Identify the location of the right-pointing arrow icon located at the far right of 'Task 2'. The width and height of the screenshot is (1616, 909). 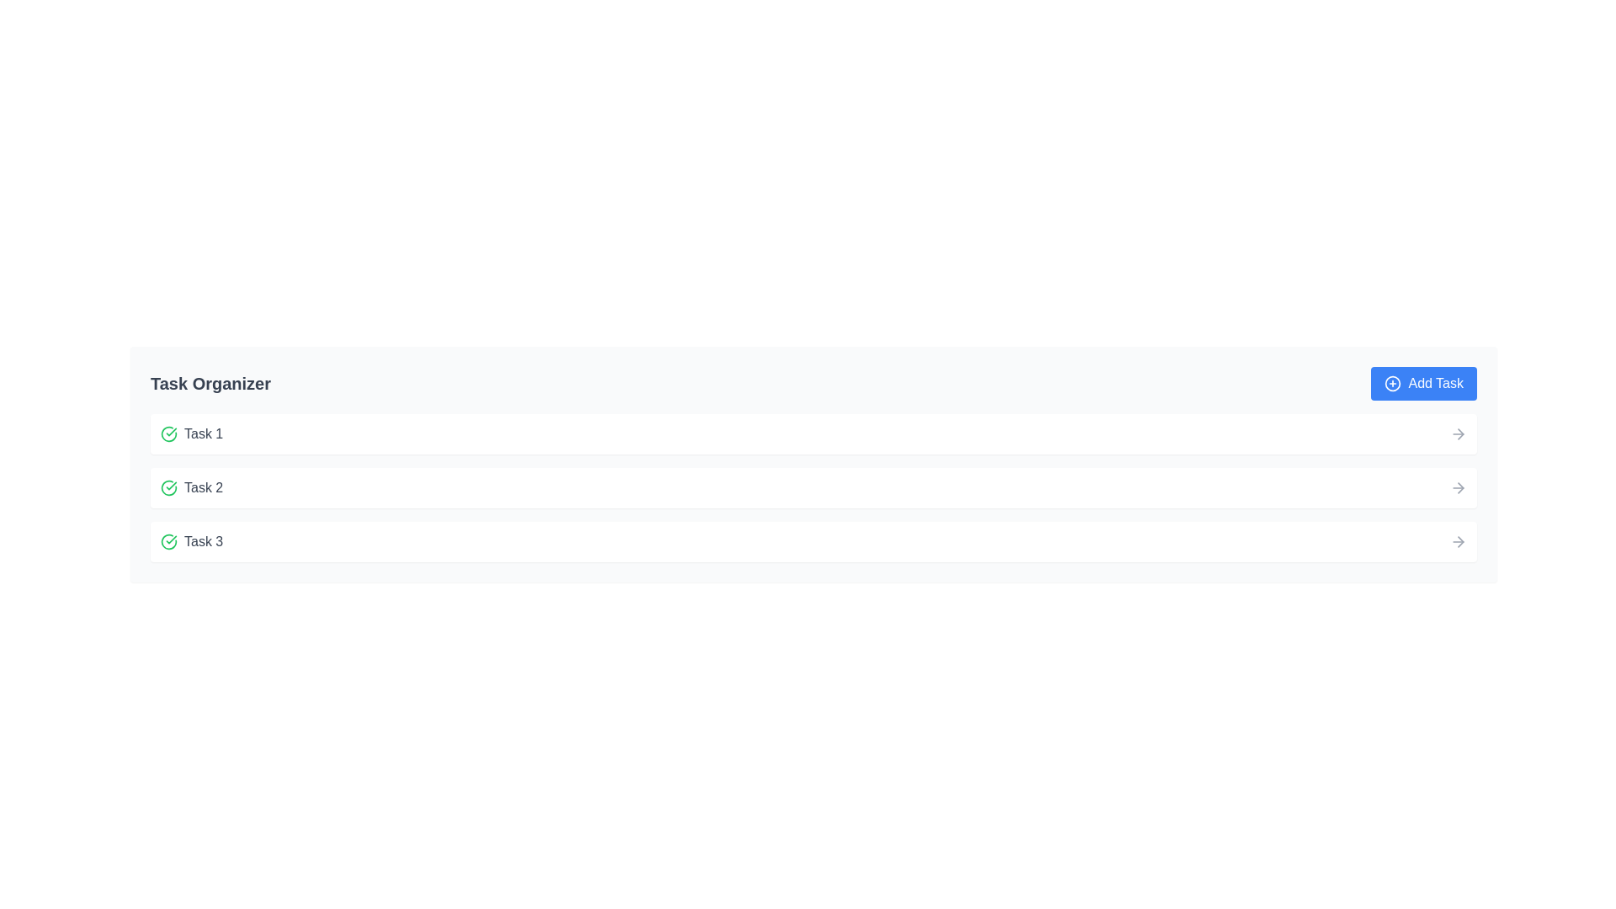
(1457, 487).